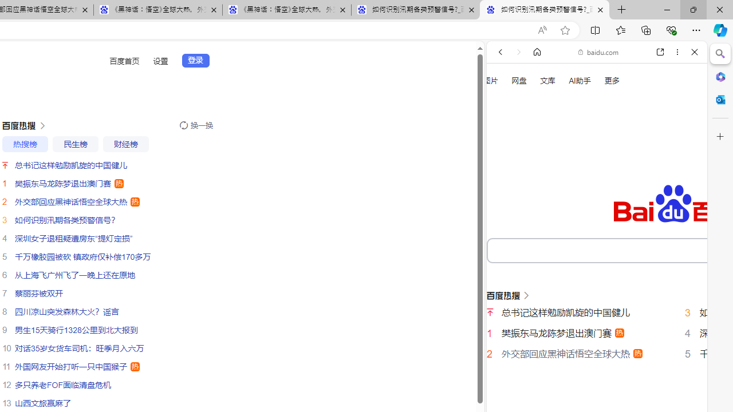 This screenshot has height=412, width=733. What do you see at coordinates (602, 78) in the screenshot?
I see `'Search the web'` at bounding box center [602, 78].